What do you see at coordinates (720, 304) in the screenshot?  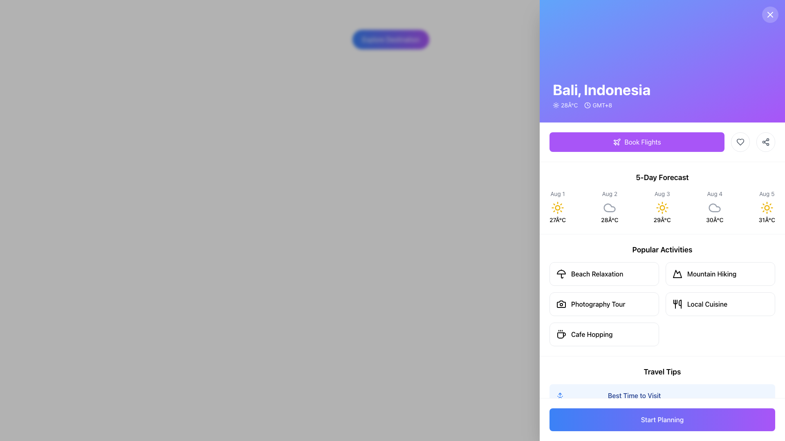 I see `the 'Local Cuisine' button, which is a rectangular button with rounded corners featuring a fork and spoon icon on the left and the text 'Local Cuisine' on the right, located in the second column of the second row within the 'Popular Activities' section grid` at bounding box center [720, 304].